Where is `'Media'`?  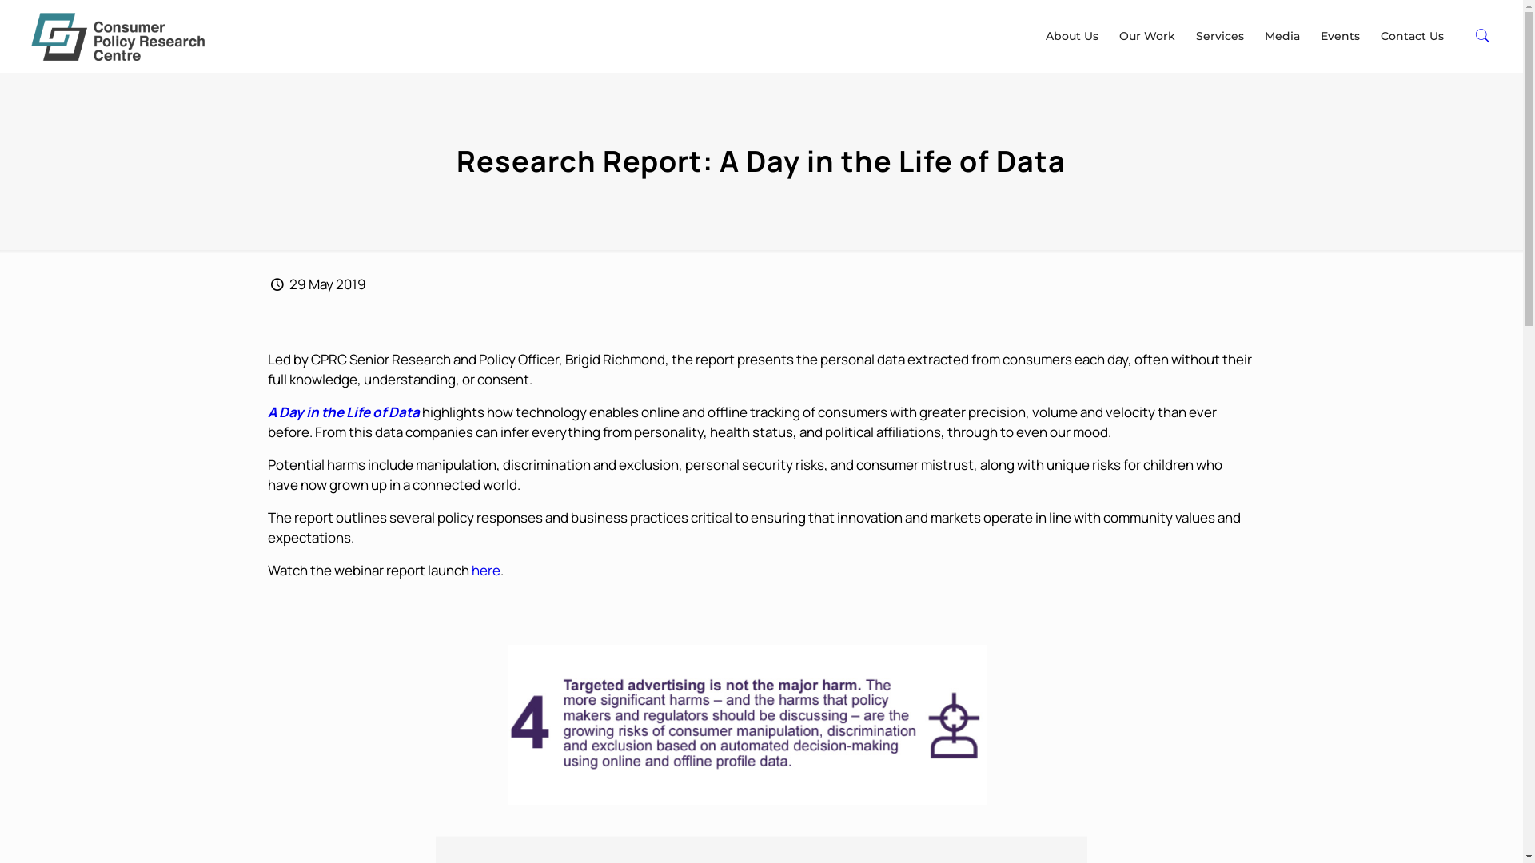
'Media' is located at coordinates (1282, 36).